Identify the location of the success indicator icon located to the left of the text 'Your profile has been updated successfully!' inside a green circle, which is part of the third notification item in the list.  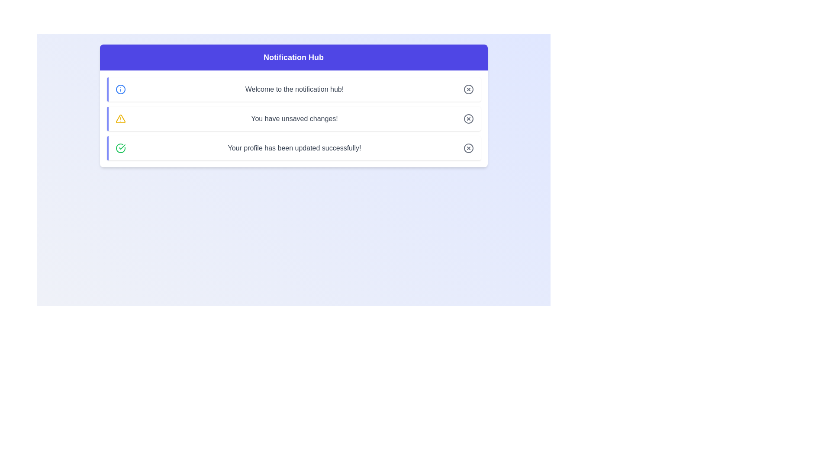
(122, 146).